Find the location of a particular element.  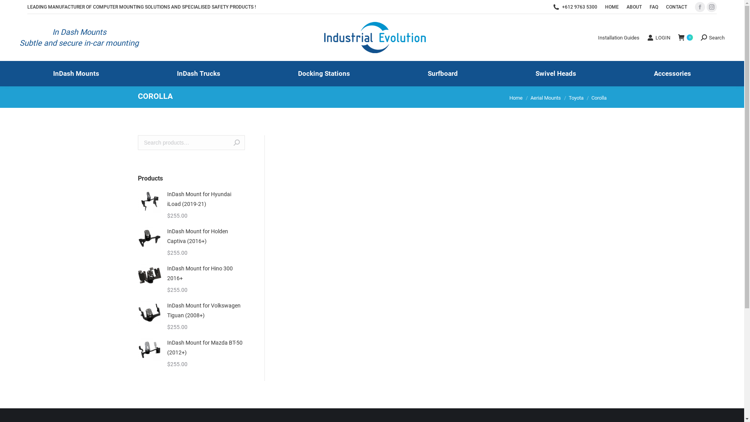

'FAQ' is located at coordinates (654, 7).